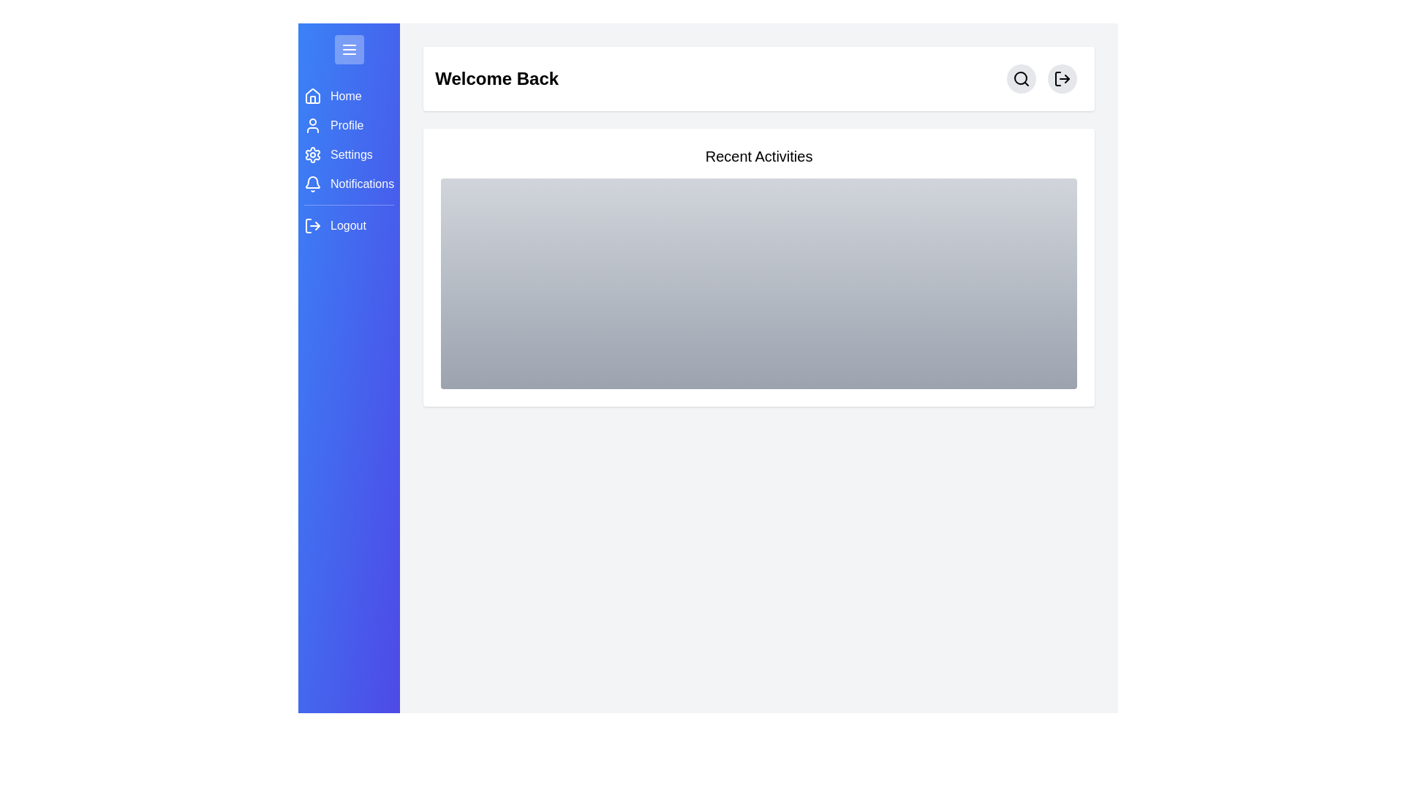 The image size is (1404, 790). What do you see at coordinates (345, 96) in the screenshot?
I see `the first text label in the left vertical navigation bar that acts as a navigation link or label, positioned immediately after the house icon` at bounding box center [345, 96].